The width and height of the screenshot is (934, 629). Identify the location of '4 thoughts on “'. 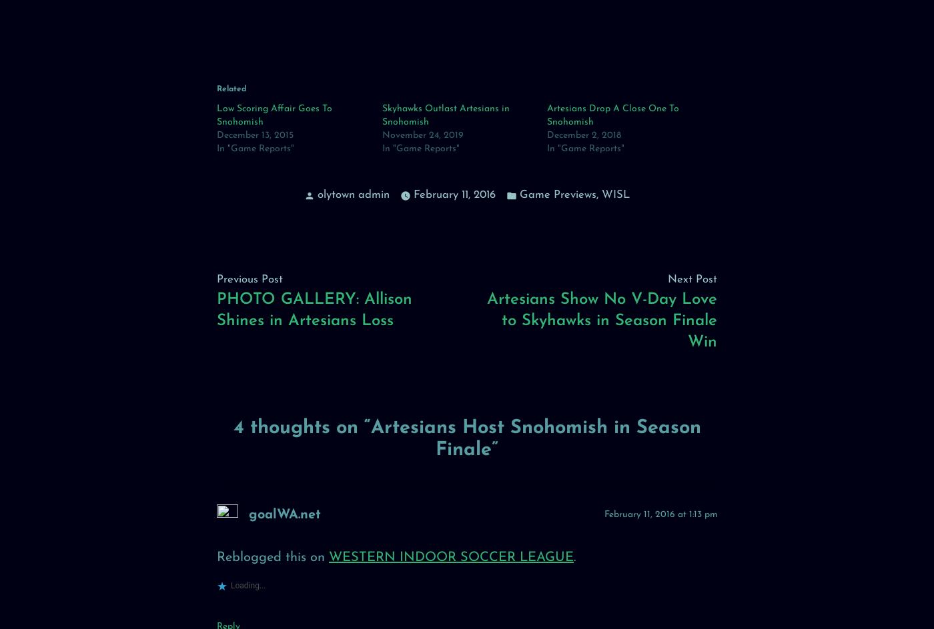
(302, 428).